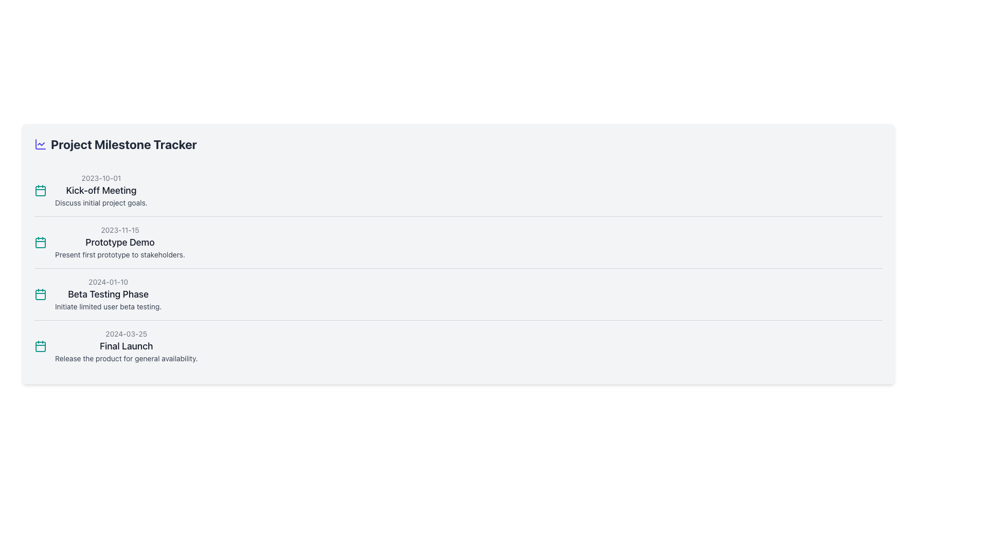  Describe the element at coordinates (126, 358) in the screenshot. I see `additional descriptive information about the milestone 'Final Launch' that is located underneath the timestamp '2024-03-25'` at that location.